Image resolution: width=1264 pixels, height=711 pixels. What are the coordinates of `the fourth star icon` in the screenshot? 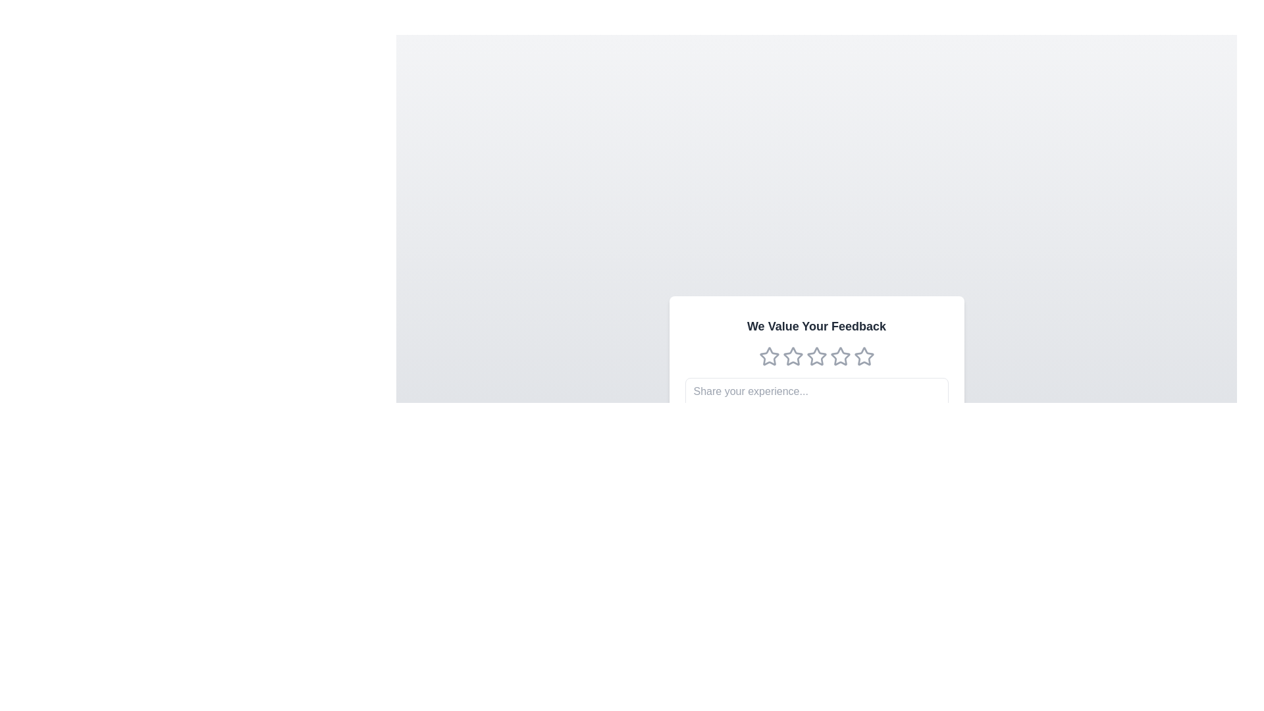 It's located at (839, 357).